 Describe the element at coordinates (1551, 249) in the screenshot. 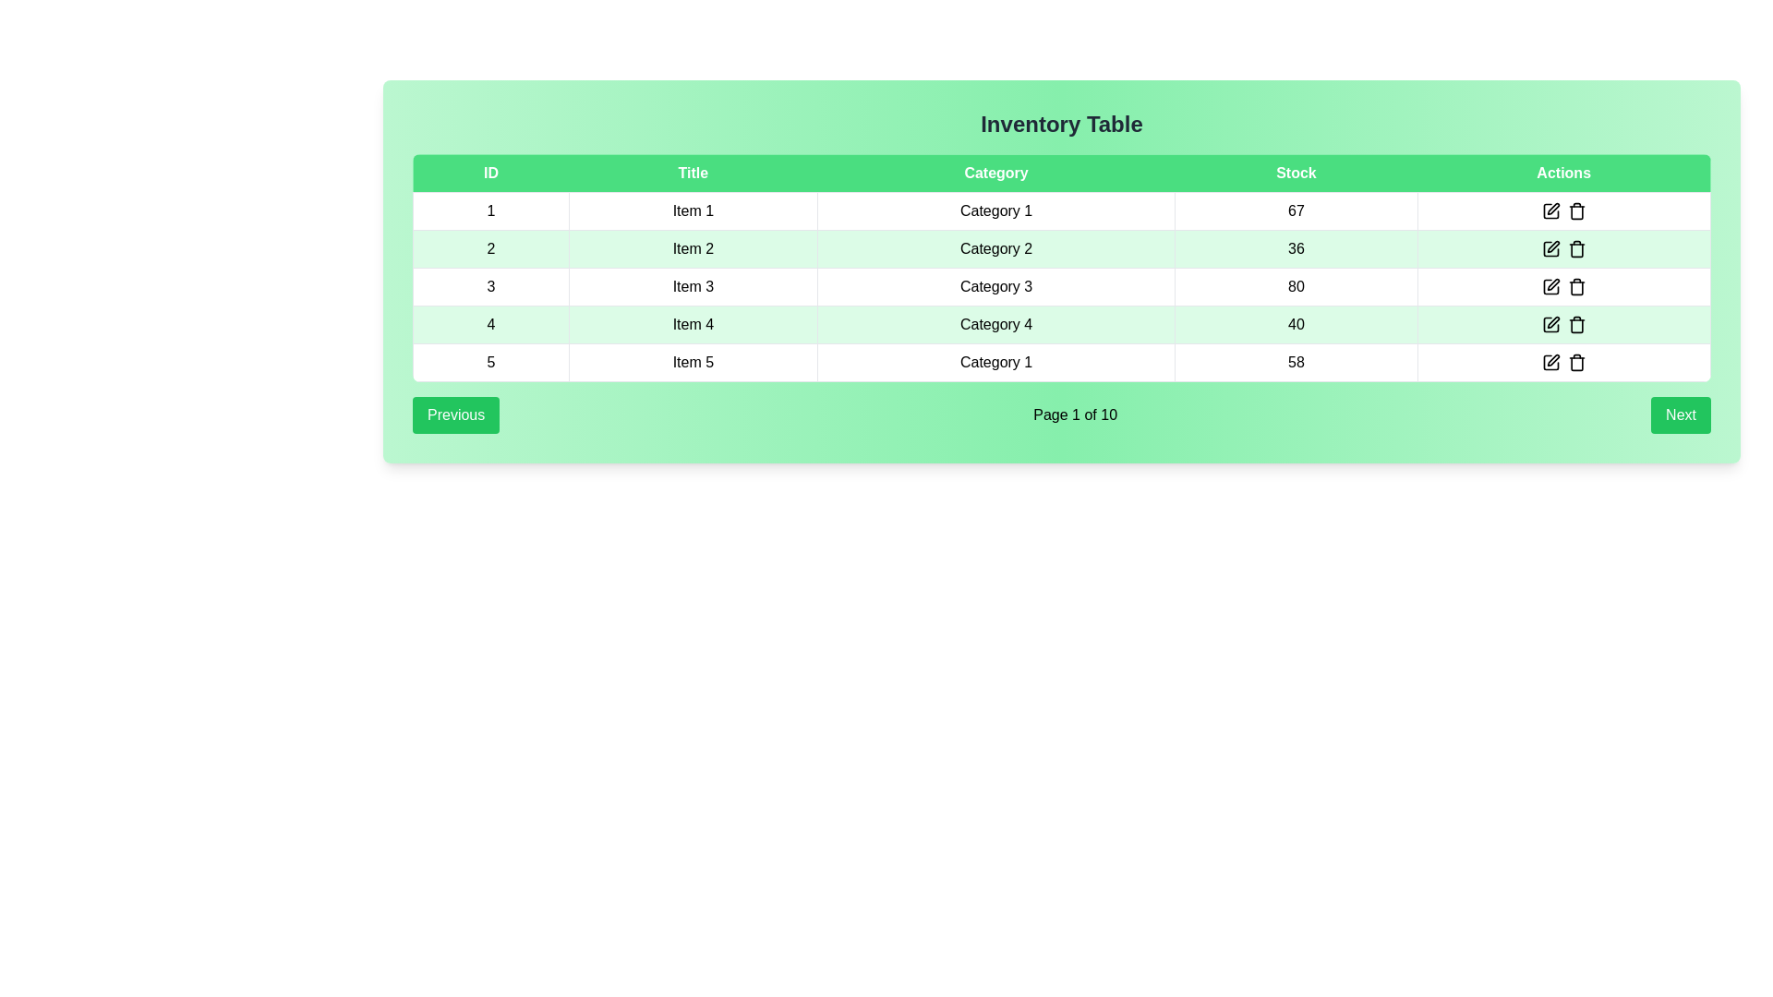

I see `the edit icon located in the 'Actions' column of the second row of the table, which visually represents the action of editing` at that location.